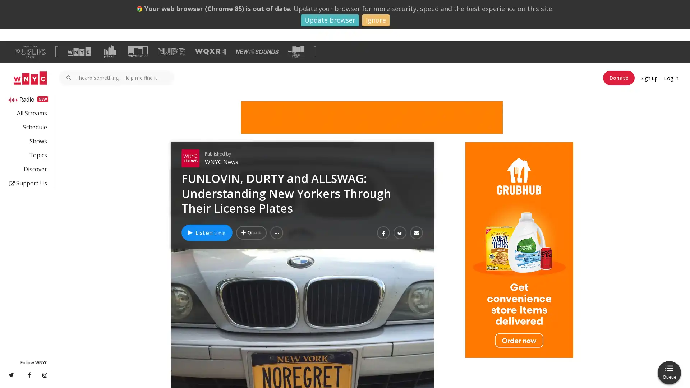 This screenshot has height=388, width=690. Describe the element at coordinates (375, 20) in the screenshot. I see `Ignore` at that location.